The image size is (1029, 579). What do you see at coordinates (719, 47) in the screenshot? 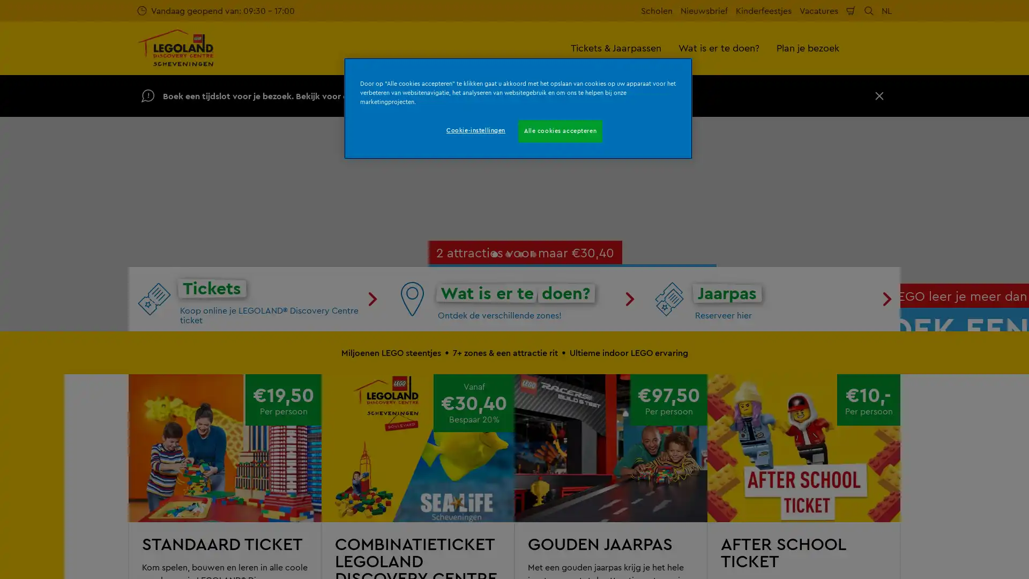
I see `Wat is er te doen?` at bounding box center [719, 47].